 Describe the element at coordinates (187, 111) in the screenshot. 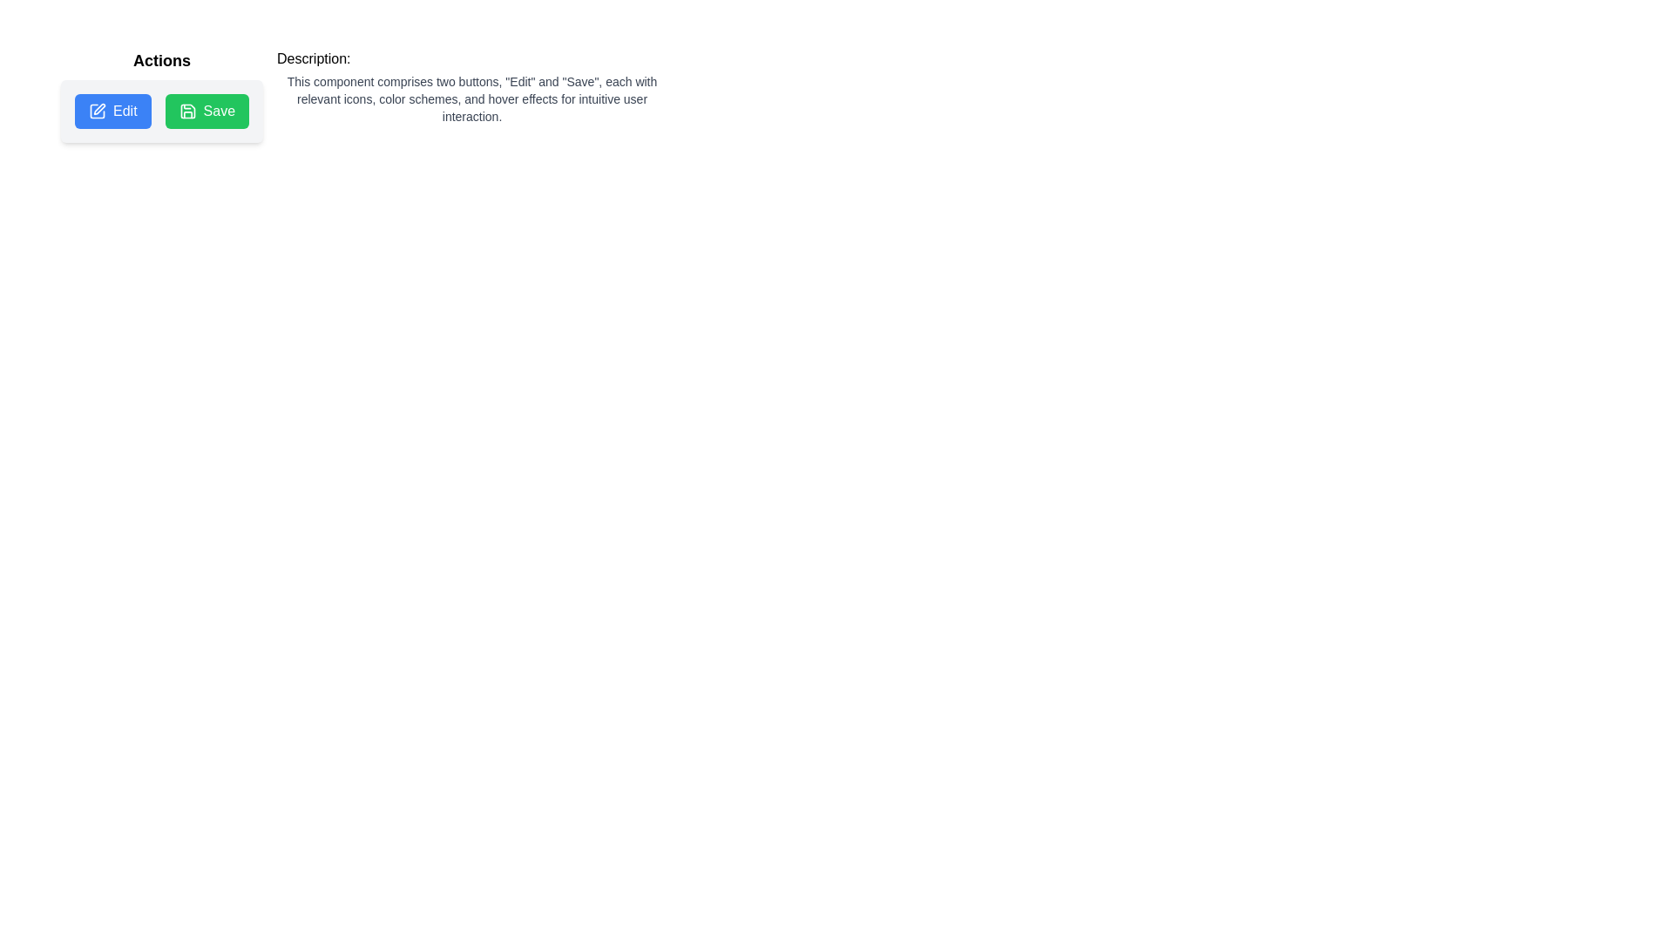

I see `the save button represented by a floppy disk icon with a green background and white stroke outline, located as the second button in the horizontal action section` at that location.